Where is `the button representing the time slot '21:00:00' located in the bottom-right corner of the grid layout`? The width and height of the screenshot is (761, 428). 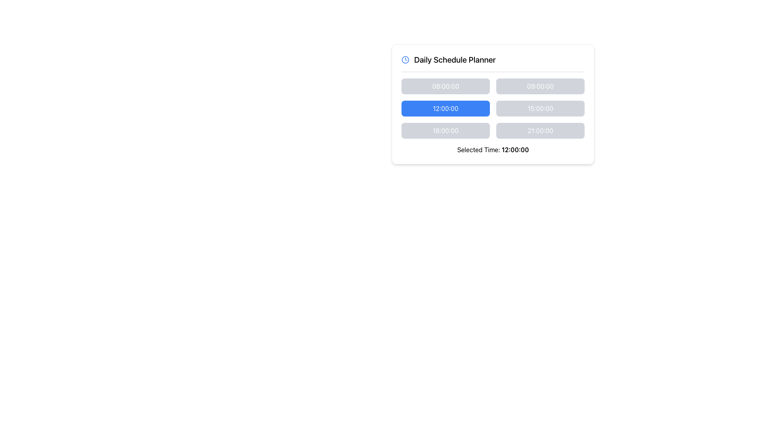
the button representing the time slot '21:00:00' located in the bottom-right corner of the grid layout is located at coordinates (540, 130).